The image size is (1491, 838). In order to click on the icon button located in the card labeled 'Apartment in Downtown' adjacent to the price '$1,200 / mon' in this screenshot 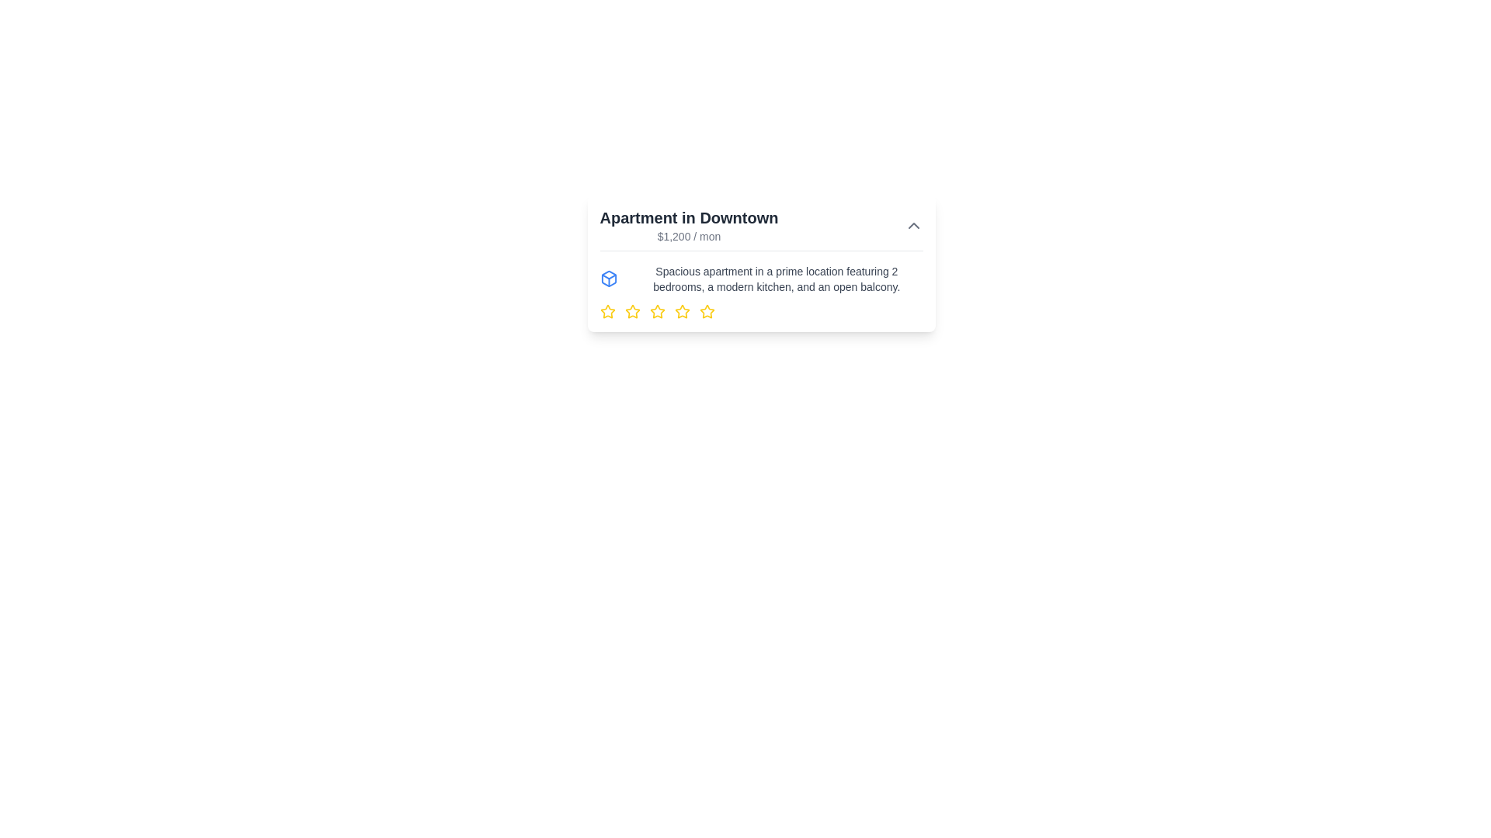, I will do `click(913, 225)`.